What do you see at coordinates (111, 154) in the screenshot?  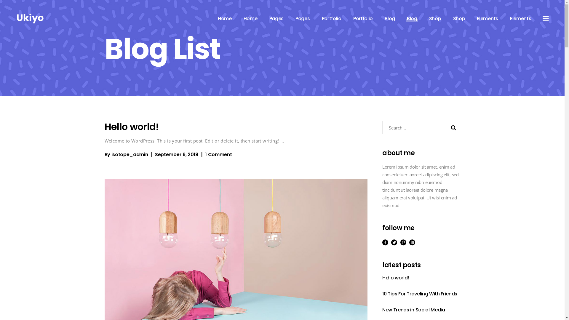 I see `'isotope_admin'` at bounding box center [111, 154].